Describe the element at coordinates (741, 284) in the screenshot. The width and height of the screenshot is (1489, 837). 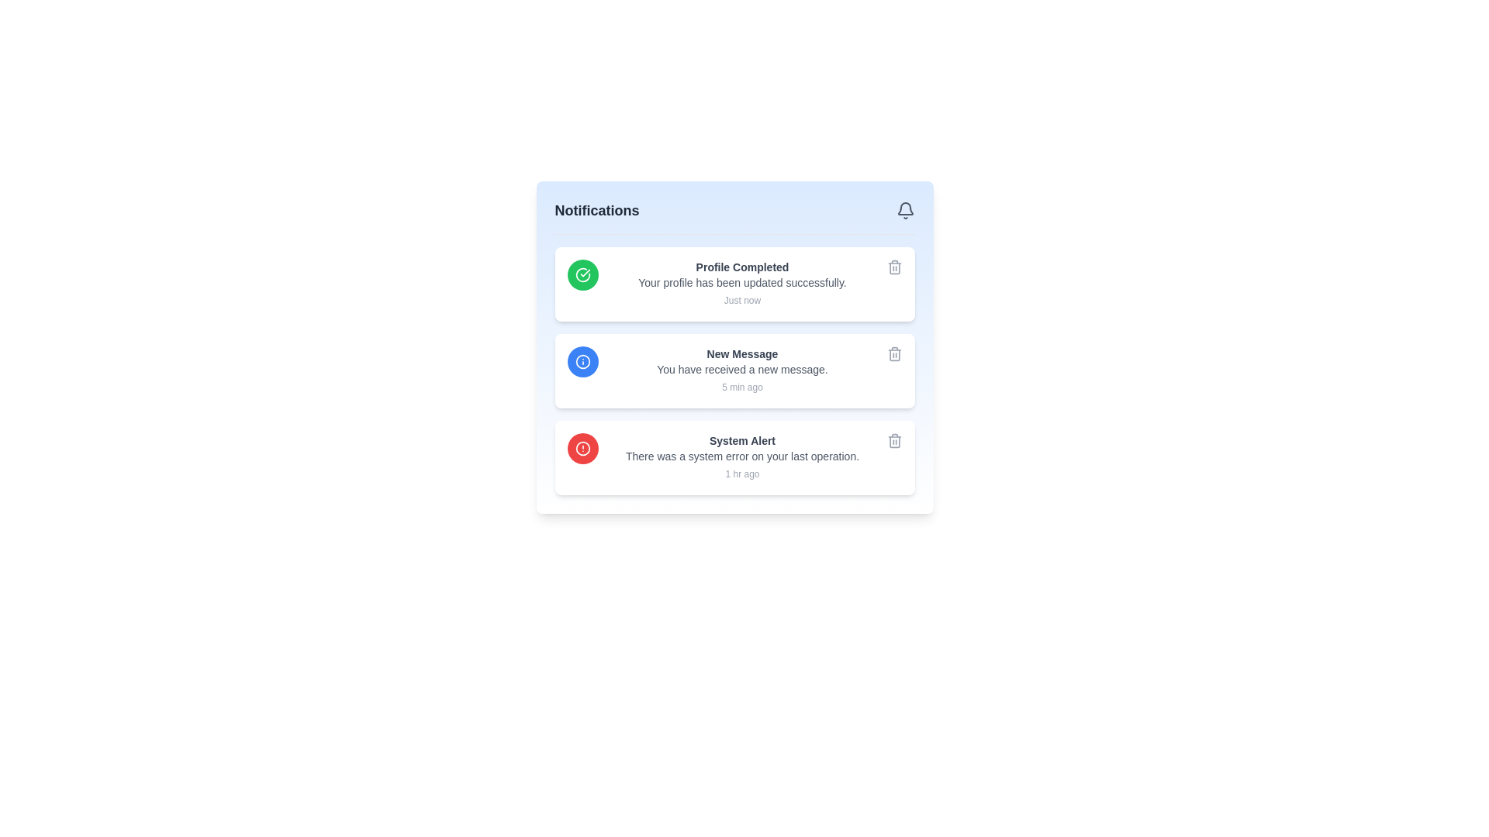
I see `the text-based notification display that shows 'Profile Completed' with the message 'Your profile has been updated successfully.' and the timestamp 'Just now'` at that location.